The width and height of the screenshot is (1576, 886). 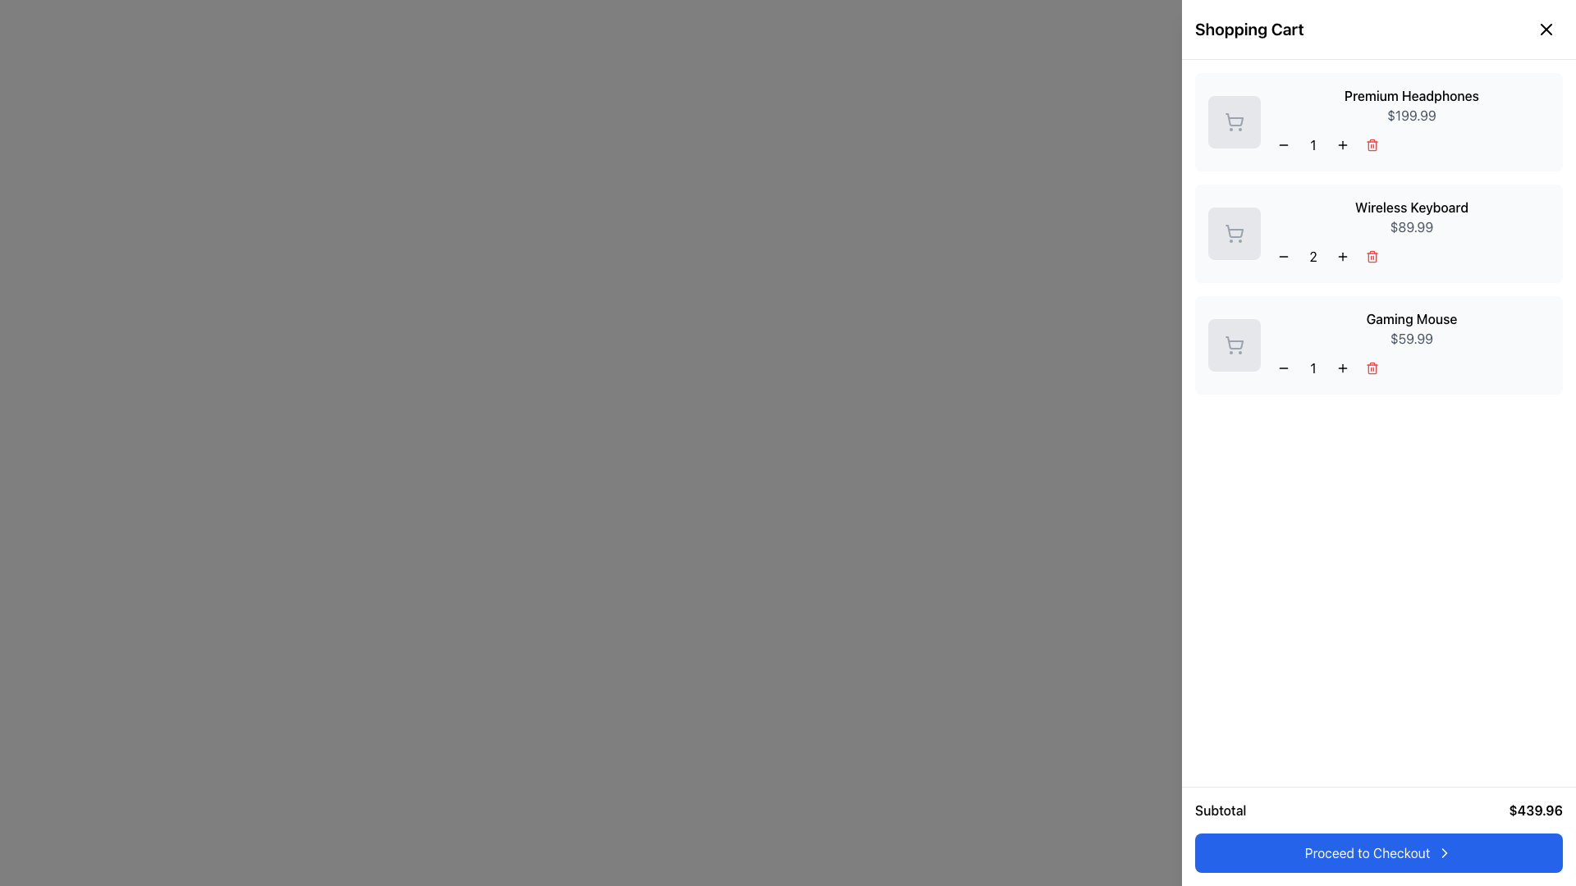 What do you see at coordinates (1234, 344) in the screenshot?
I see `the shopping cart icon, which is a gray icon with a rounded light gray background located to the left of the text 'Gaming Mouse' in the cart list` at bounding box center [1234, 344].